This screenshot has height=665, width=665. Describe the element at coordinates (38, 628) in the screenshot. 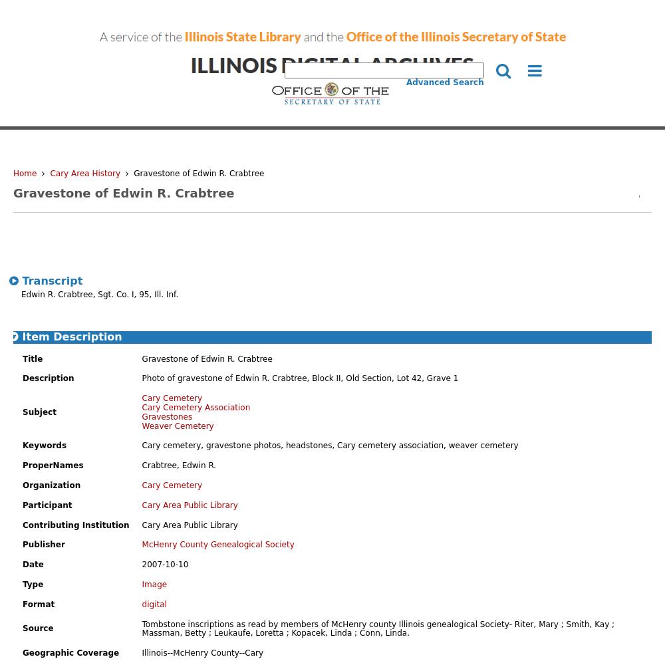

I see `'Source'` at that location.